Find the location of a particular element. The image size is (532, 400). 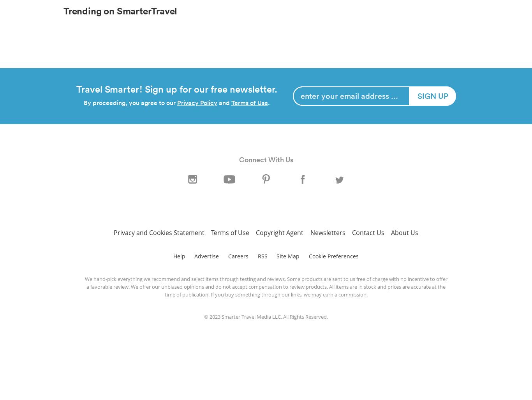

'Help' is located at coordinates (172, 256).